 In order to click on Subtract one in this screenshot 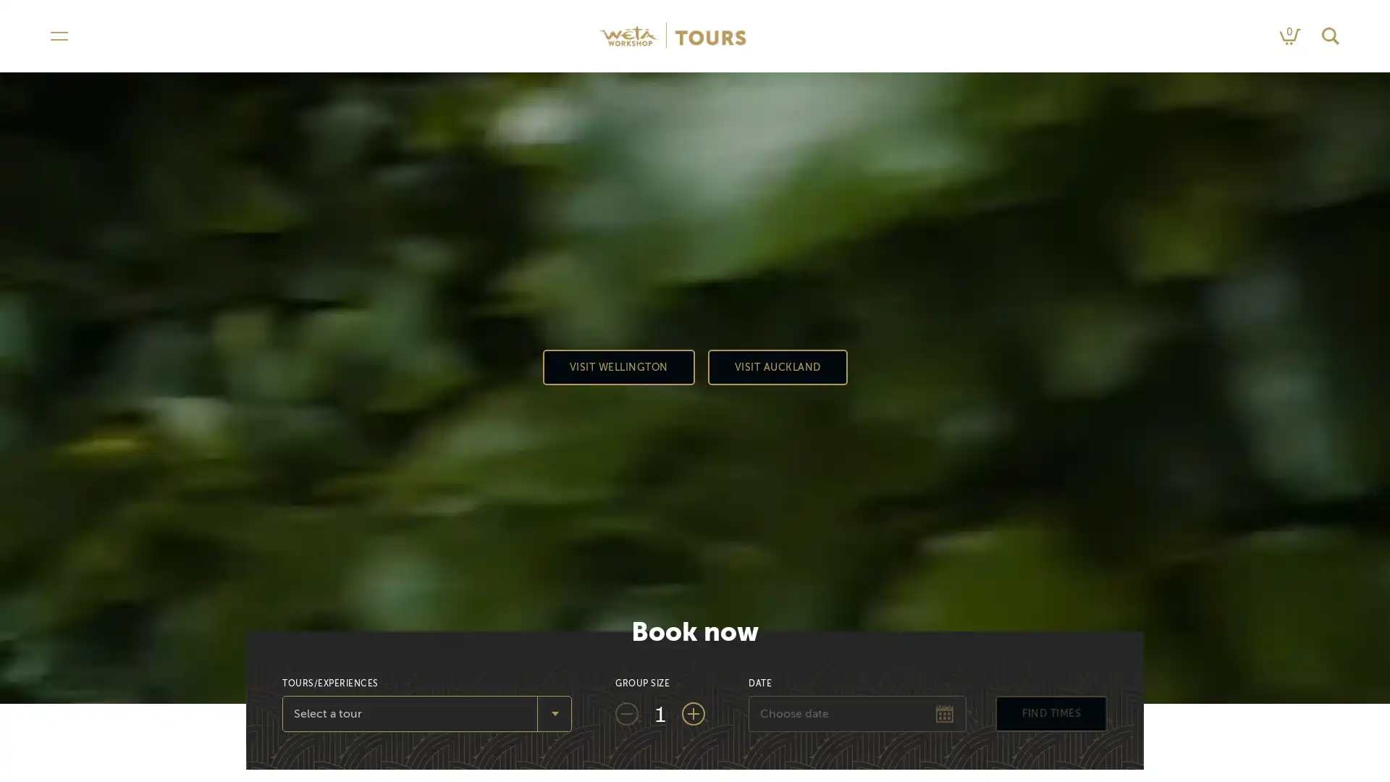, I will do `click(626, 712)`.